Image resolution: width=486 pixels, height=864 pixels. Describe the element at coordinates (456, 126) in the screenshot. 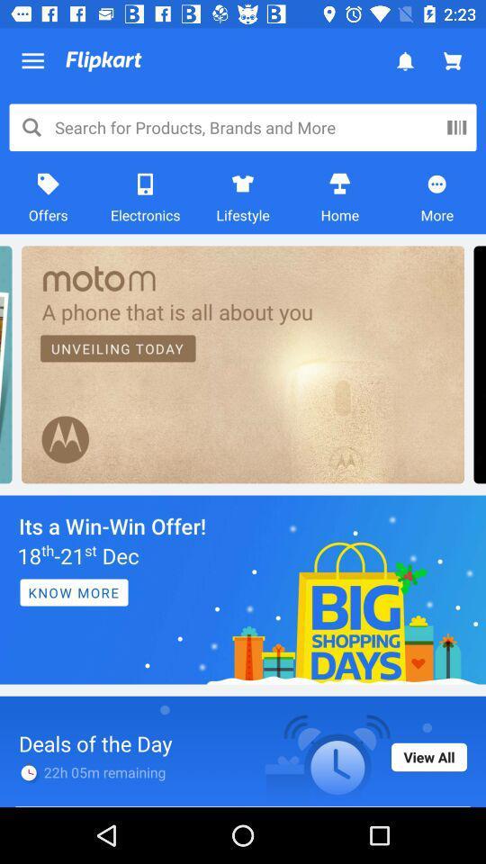

I see `the pause icon` at that location.